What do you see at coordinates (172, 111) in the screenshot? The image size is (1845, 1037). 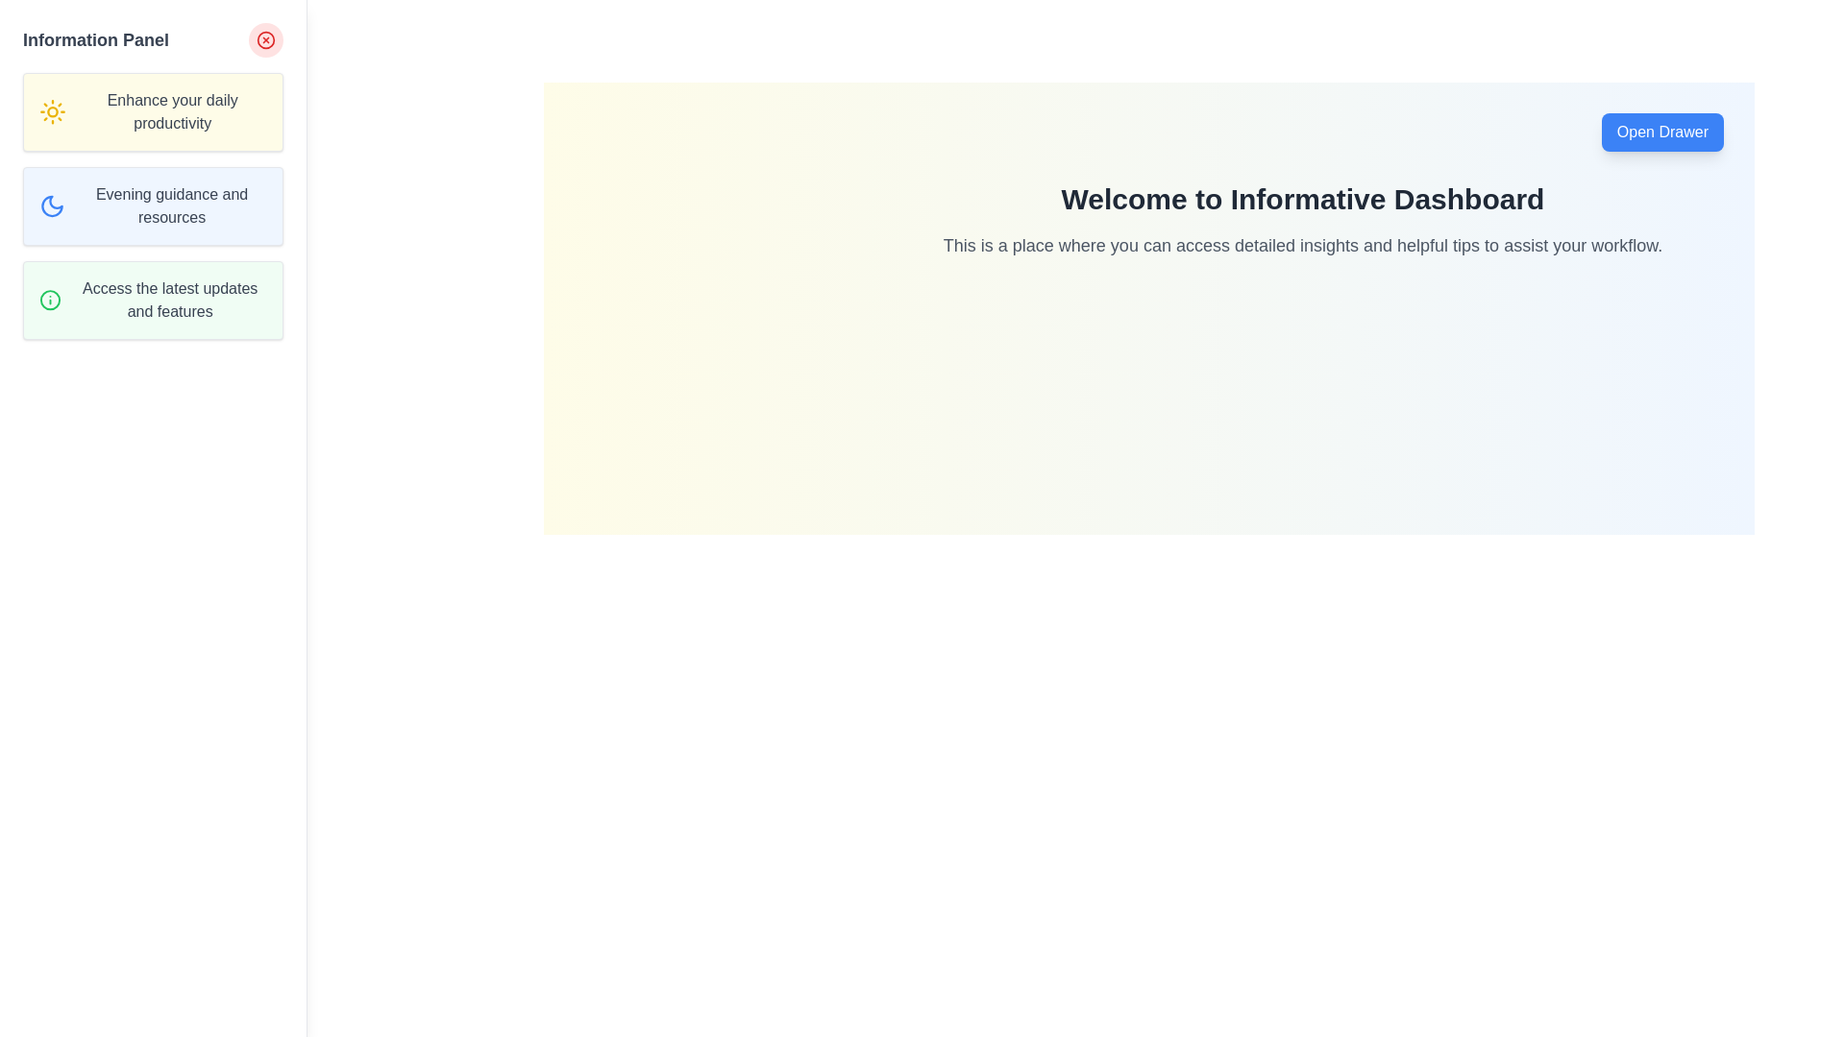 I see `the motivational text label located in the top section of the vertical list in the left sidebar, which has a yellow background` at bounding box center [172, 111].